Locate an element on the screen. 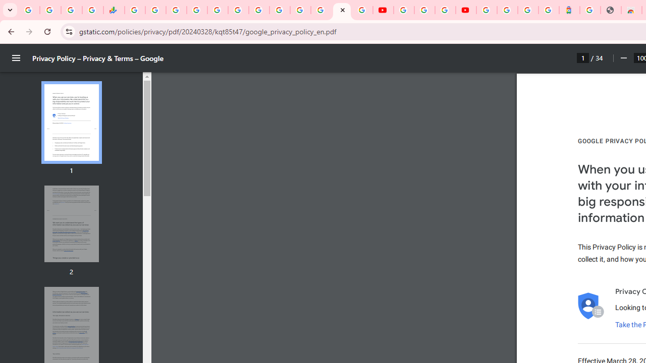 Image resolution: width=646 pixels, height=363 pixels. 'YouTube' is located at coordinates (383, 10).